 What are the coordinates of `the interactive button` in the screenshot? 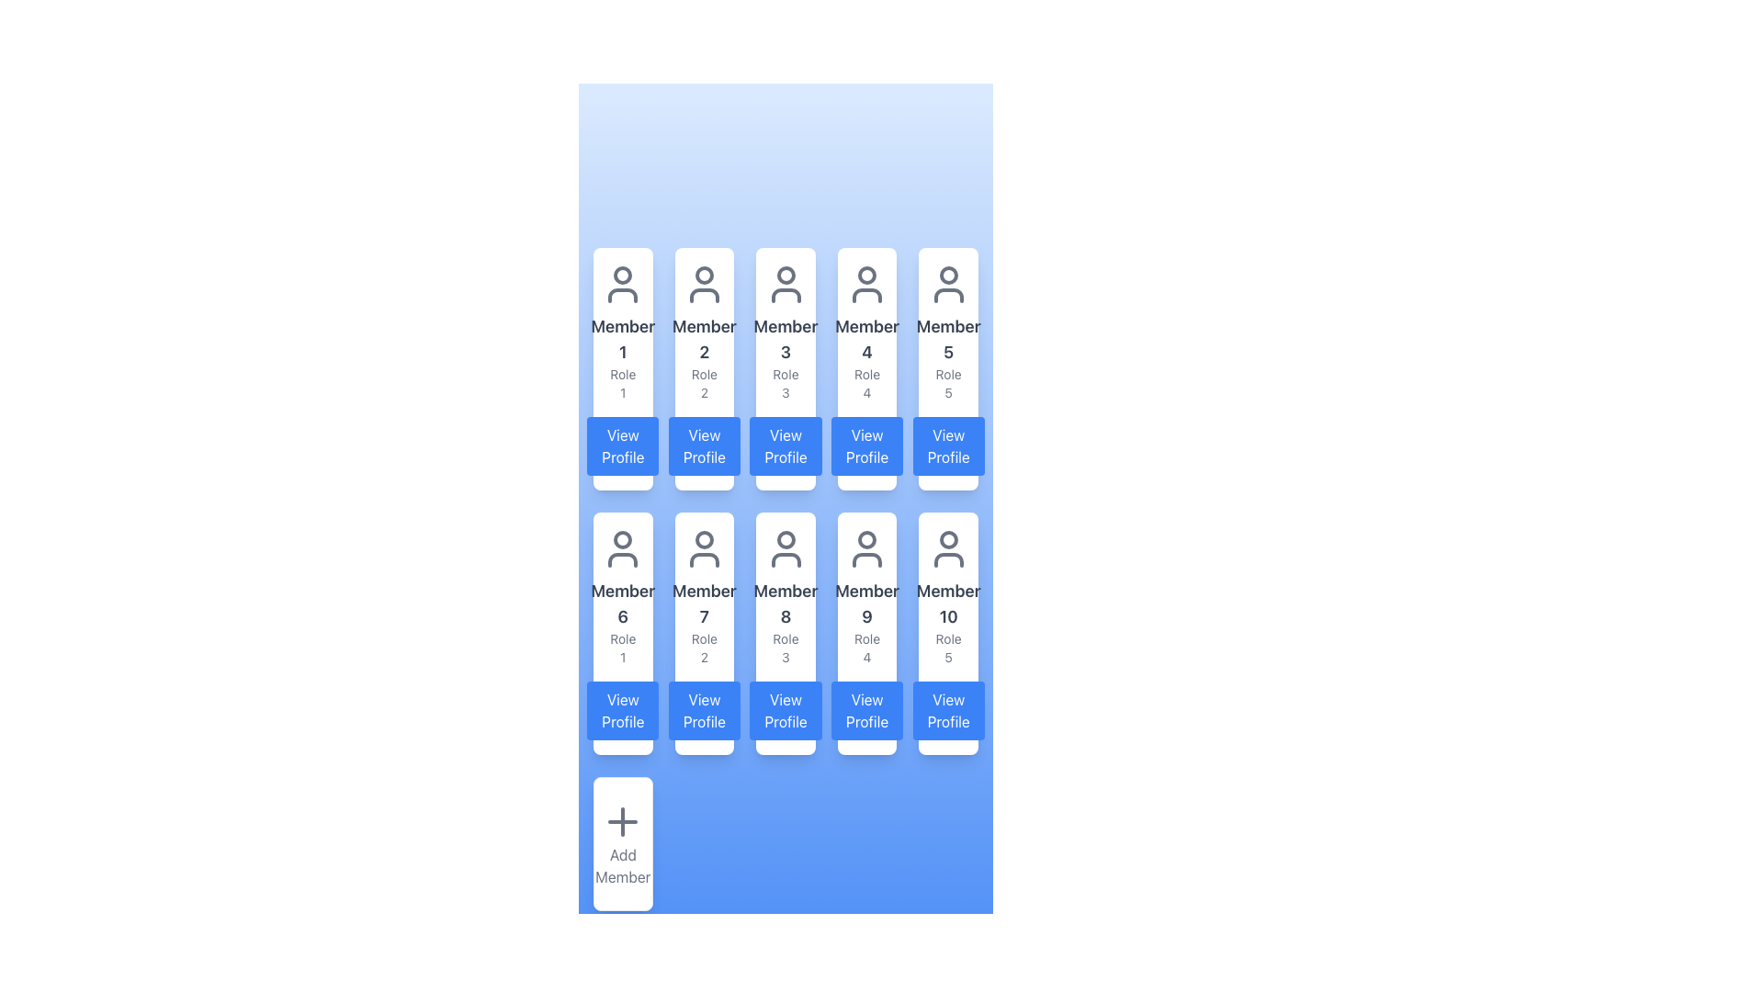 It's located at (623, 446).